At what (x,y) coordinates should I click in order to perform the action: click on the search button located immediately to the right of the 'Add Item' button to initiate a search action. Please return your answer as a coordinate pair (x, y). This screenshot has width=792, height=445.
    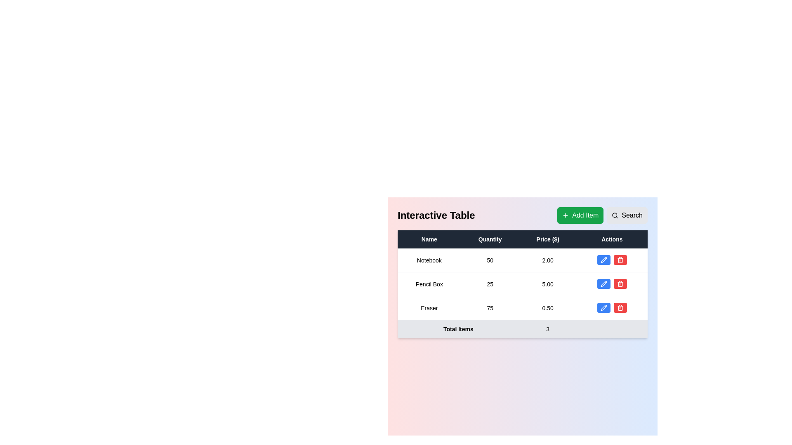
    Looking at the image, I should click on (627, 215).